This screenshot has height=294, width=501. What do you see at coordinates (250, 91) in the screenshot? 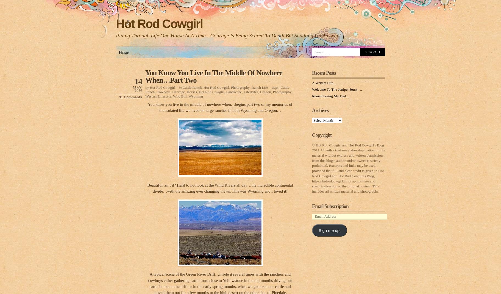
I see `'Lifestyles'` at bounding box center [250, 91].